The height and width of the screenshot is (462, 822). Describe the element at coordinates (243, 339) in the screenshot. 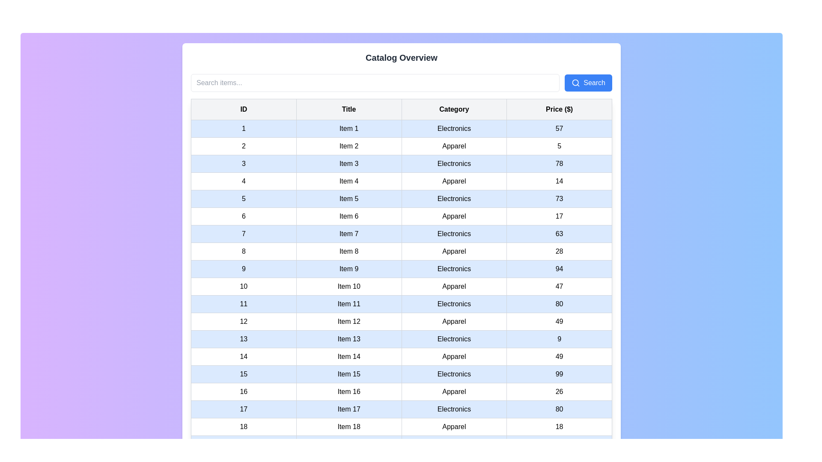

I see `the first table cell representing the ID of 'Item 13' in the table` at that location.